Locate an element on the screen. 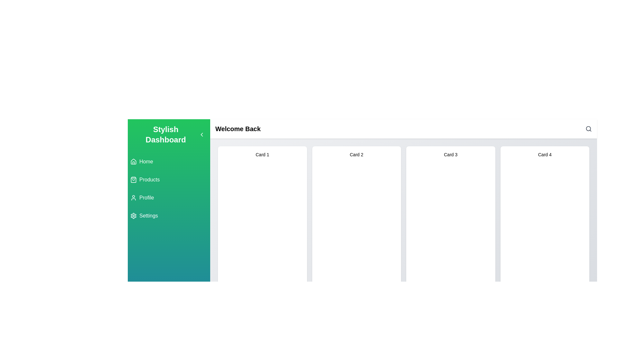 The height and width of the screenshot is (348, 618). the left-pointing chevron icon in the top-right corner of the Stylish Dashboard is located at coordinates (201, 134).